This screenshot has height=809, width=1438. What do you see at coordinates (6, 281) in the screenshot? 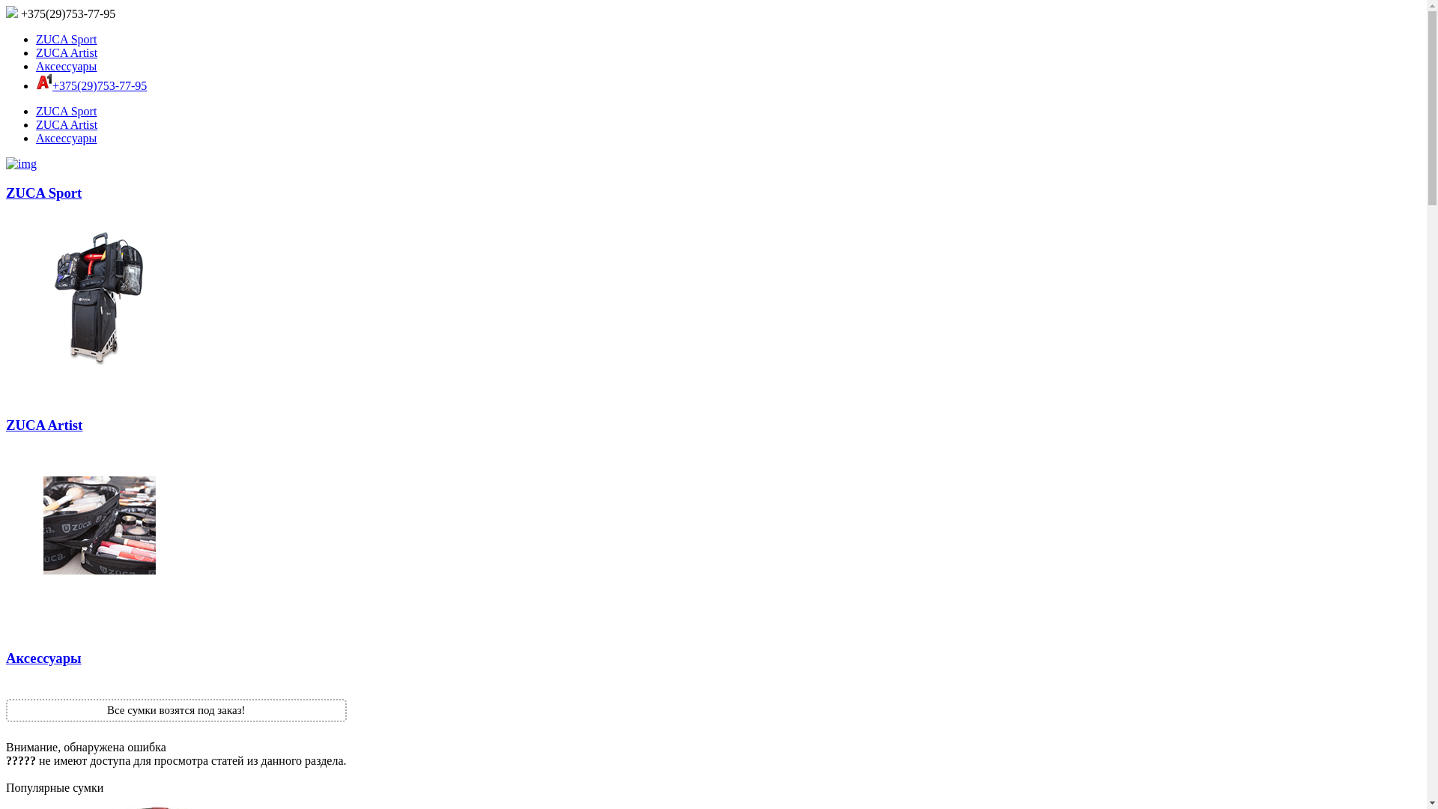
I see `'ZUCA Sport'` at bounding box center [6, 281].